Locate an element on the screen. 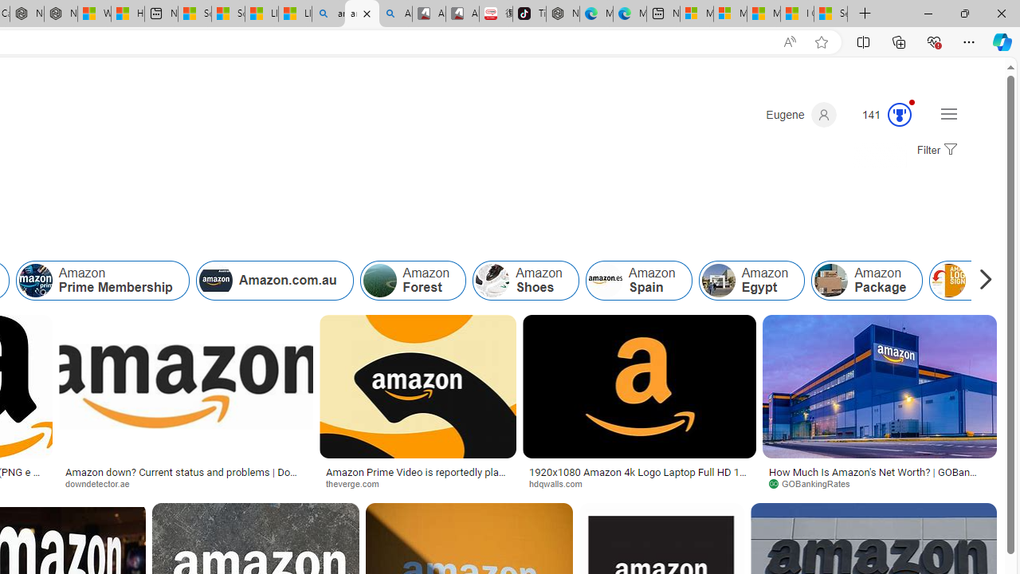 The width and height of the screenshot is (1020, 574). 'Huge shark washes ashore at New York City beach | Watch' is located at coordinates (127, 14).